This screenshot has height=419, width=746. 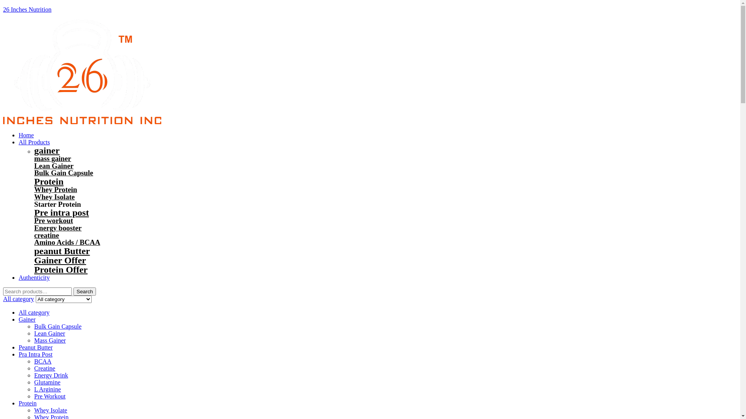 I want to click on 'Bulk Gain Capsule', so click(x=63, y=172).